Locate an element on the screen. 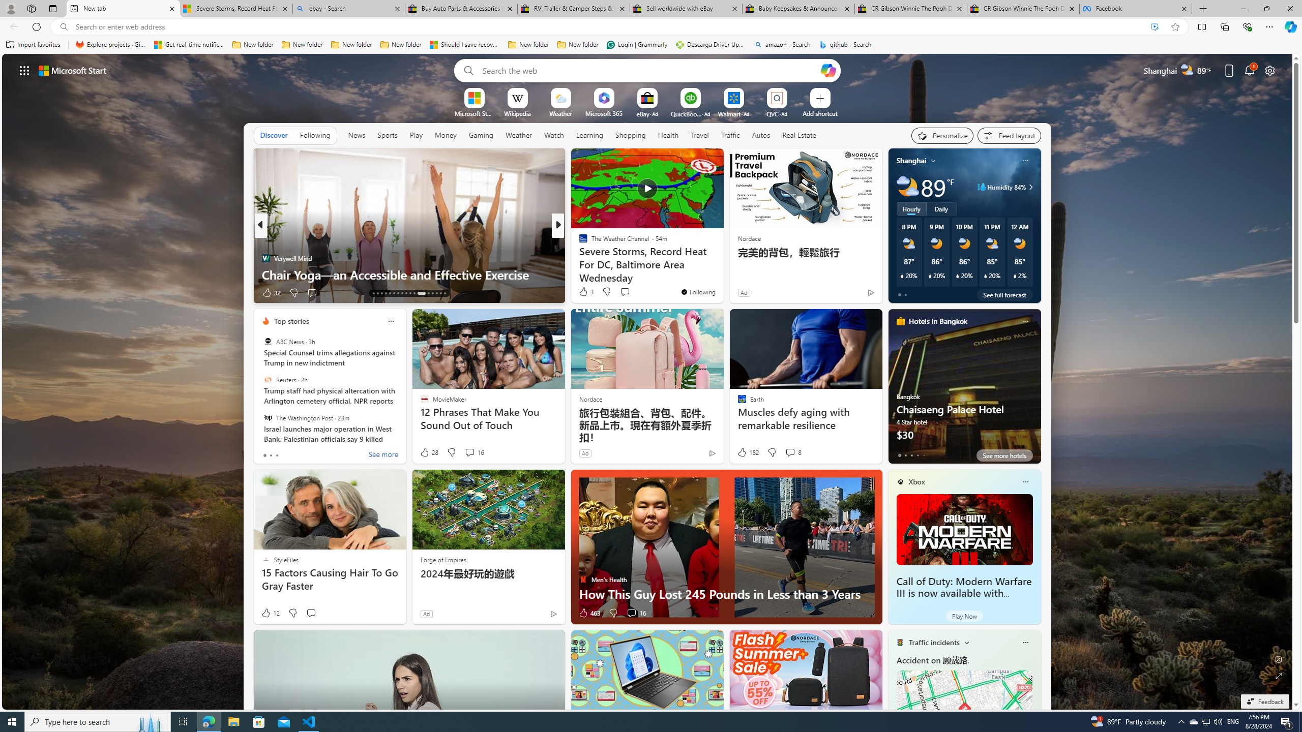 Image resolution: width=1302 pixels, height=732 pixels. 'AutomationID: tab-17' is located at coordinates (390, 293).